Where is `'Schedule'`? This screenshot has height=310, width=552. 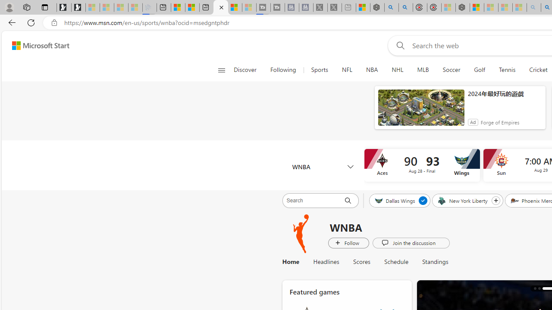 'Schedule' is located at coordinates (396, 261).